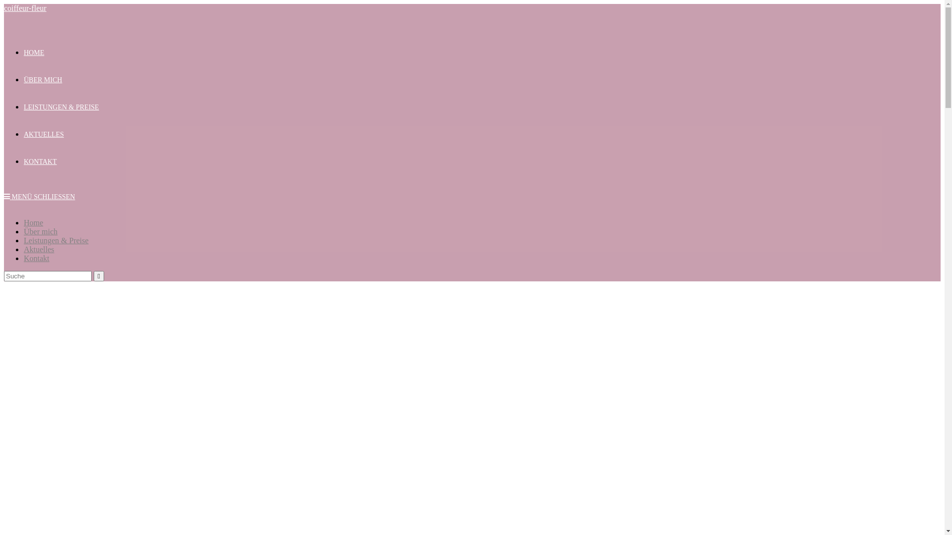 This screenshot has width=952, height=535. I want to click on 'Kontakt', so click(36, 258).